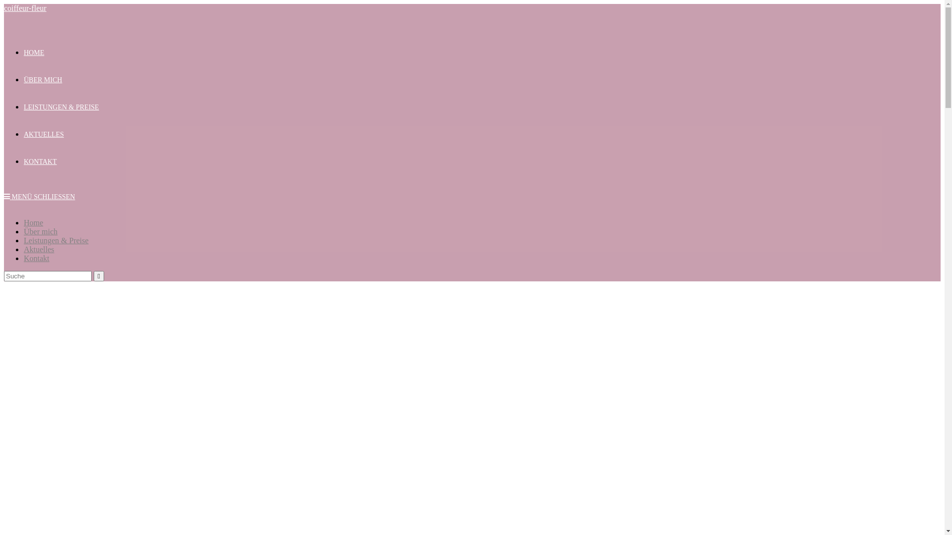 This screenshot has width=952, height=535. I want to click on 'Kontakt', so click(36, 258).